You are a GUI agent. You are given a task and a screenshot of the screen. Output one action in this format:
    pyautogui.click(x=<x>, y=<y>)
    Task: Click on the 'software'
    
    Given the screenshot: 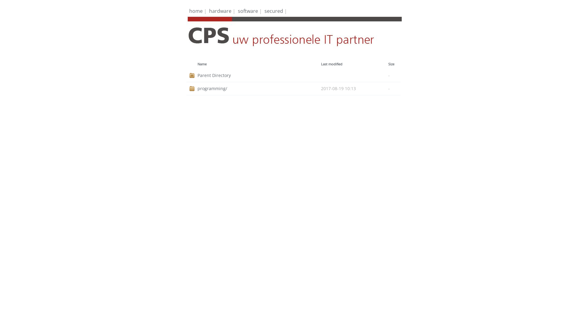 What is the action you would take?
    pyautogui.click(x=237, y=11)
    